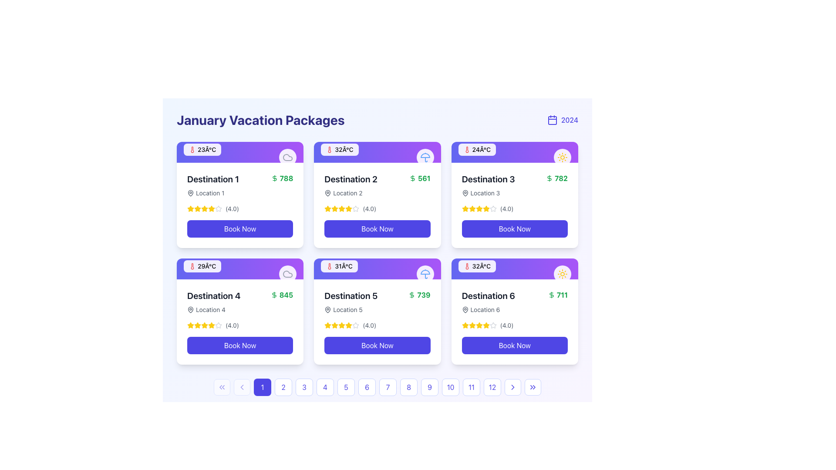 The width and height of the screenshot is (836, 470). What do you see at coordinates (493, 208) in the screenshot?
I see `across the rating stars` at bounding box center [493, 208].